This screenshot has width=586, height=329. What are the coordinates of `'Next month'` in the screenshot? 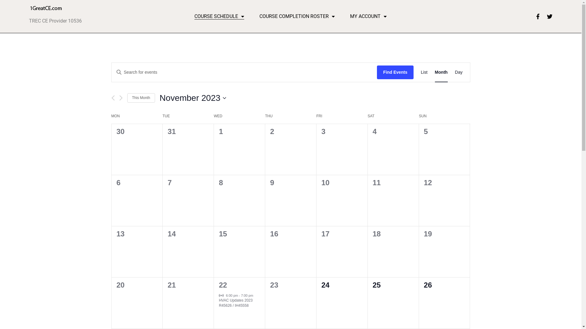 It's located at (121, 97).